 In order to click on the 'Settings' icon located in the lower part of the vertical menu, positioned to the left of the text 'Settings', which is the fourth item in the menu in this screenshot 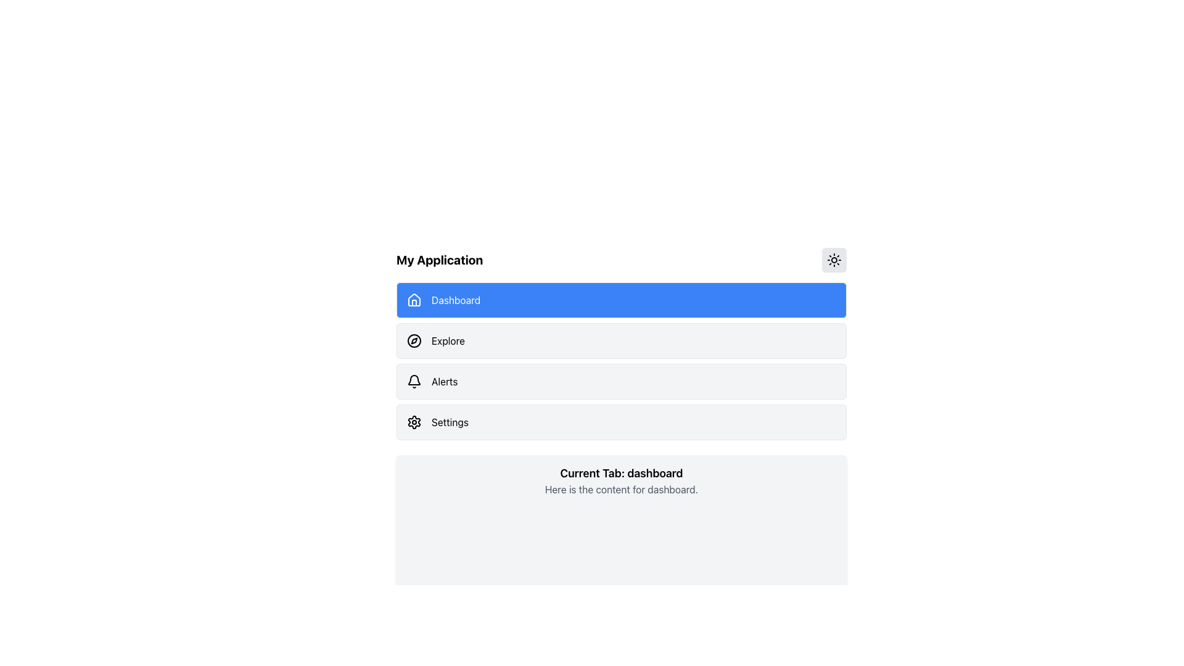, I will do `click(414, 422)`.